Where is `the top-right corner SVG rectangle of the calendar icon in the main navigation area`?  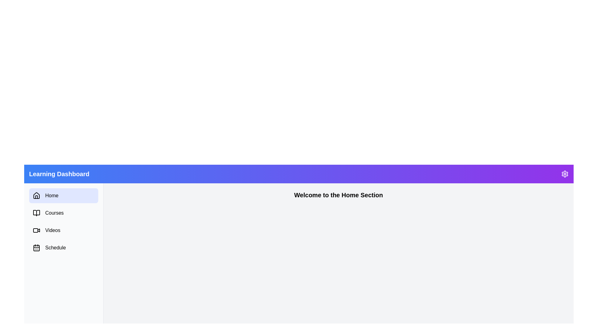 the top-right corner SVG rectangle of the calendar icon in the main navigation area is located at coordinates (36, 248).